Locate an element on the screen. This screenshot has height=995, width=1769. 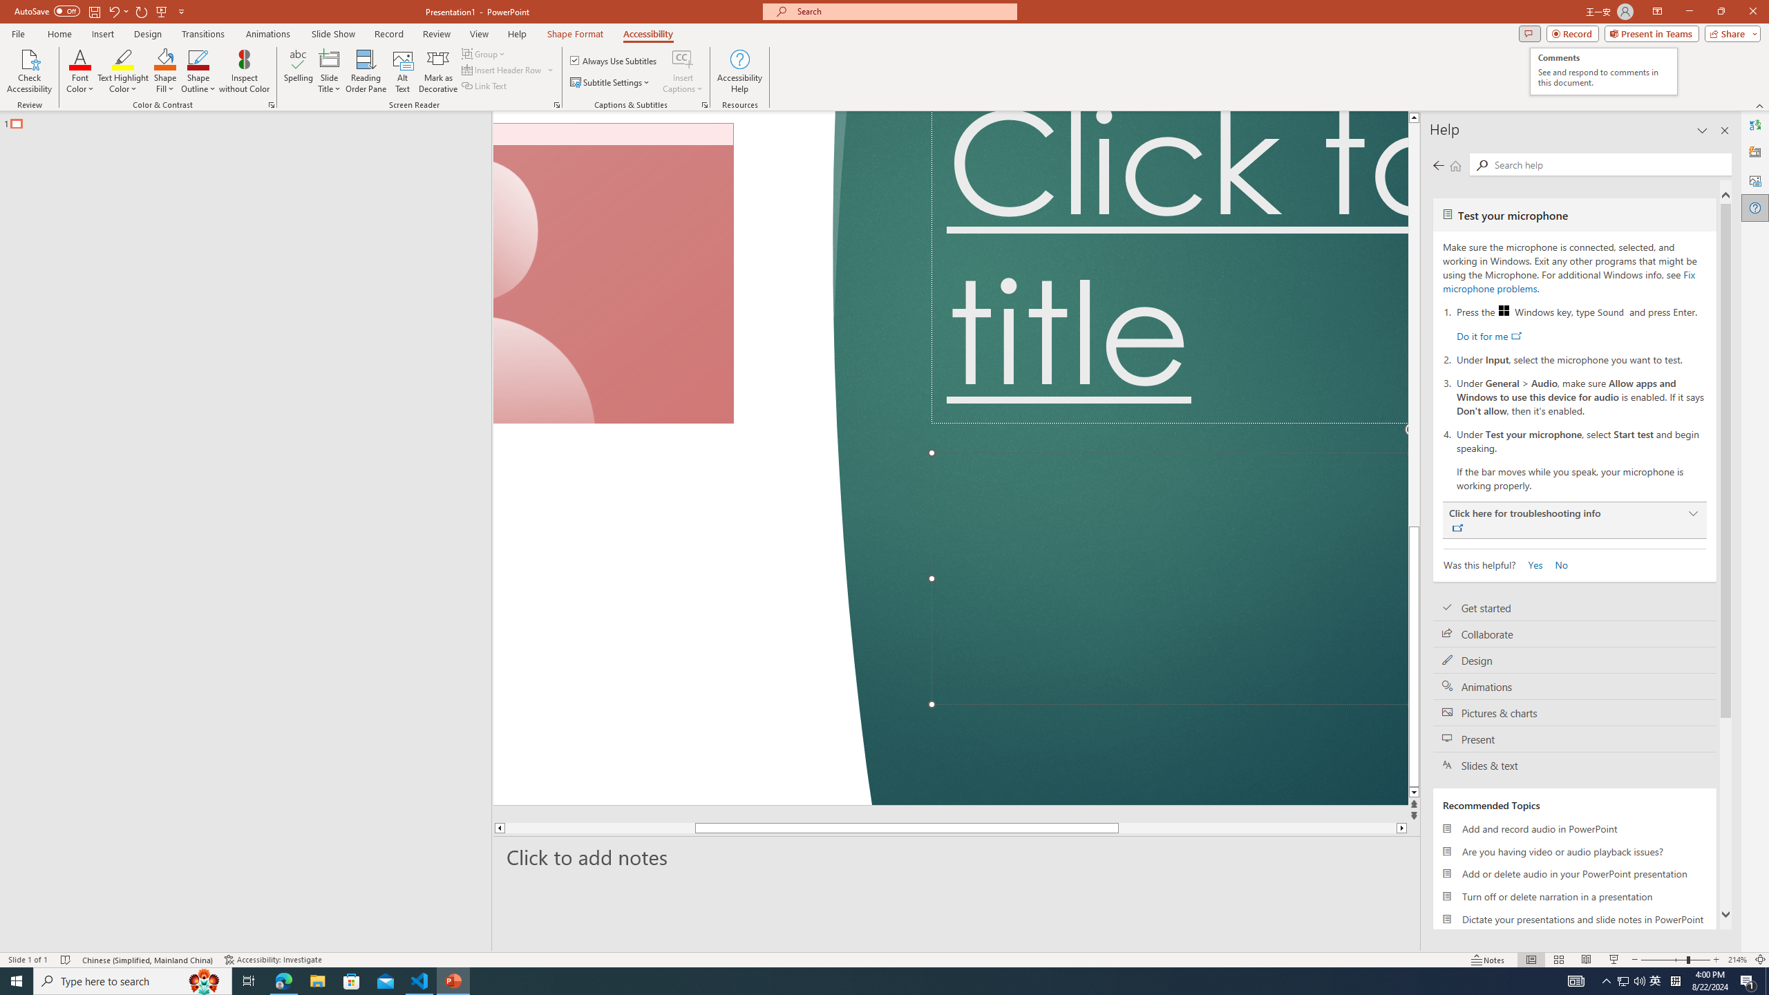
'Turn off or delete narration in a presentation' is located at coordinates (1574, 896).